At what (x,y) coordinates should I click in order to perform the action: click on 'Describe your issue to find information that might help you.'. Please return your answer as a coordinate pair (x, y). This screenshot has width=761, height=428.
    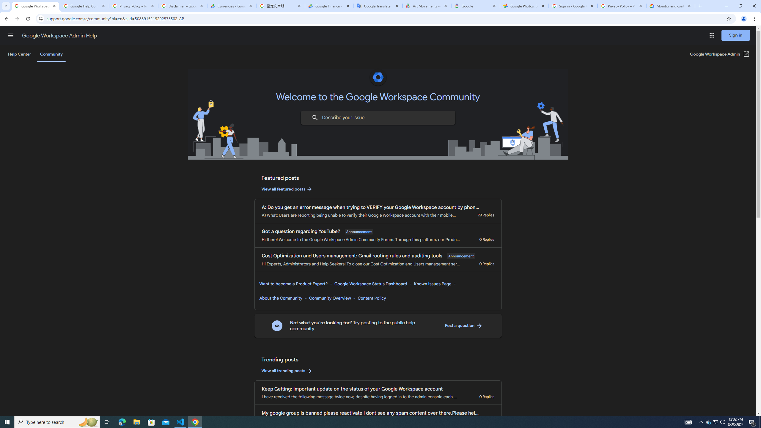
    Looking at the image, I should click on (378, 117).